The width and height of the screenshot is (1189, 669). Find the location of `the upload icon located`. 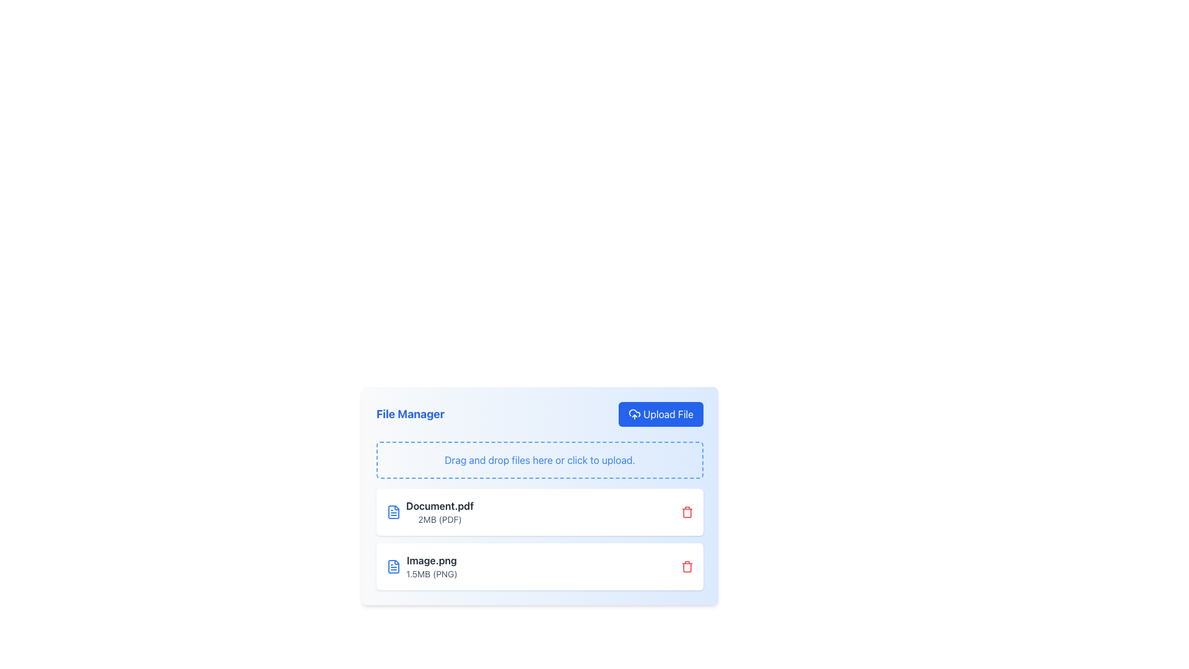

the upload icon located is located at coordinates (634, 414).